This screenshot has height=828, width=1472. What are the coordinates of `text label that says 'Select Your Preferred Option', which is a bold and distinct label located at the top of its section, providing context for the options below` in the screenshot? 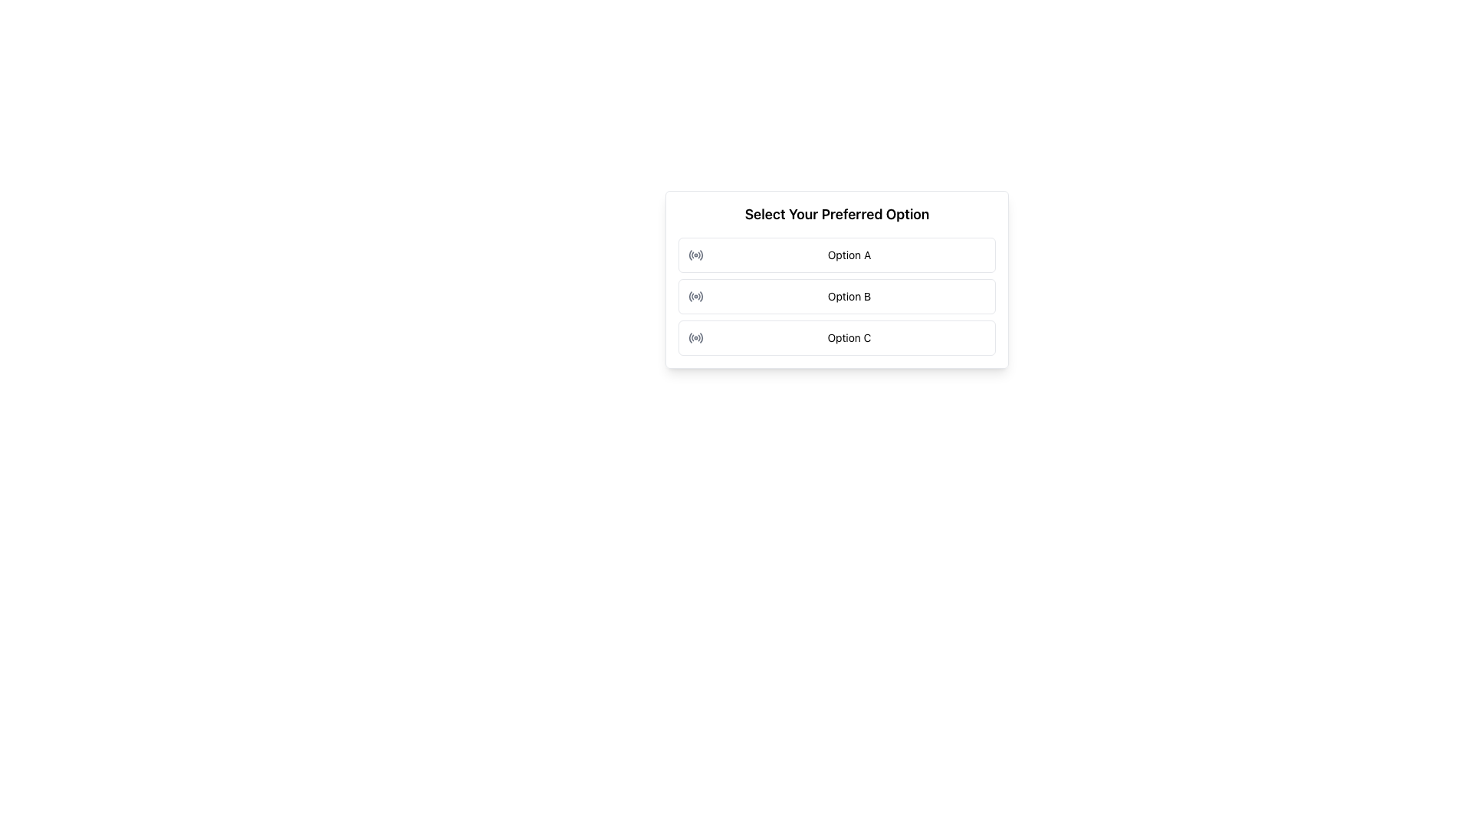 It's located at (836, 215).